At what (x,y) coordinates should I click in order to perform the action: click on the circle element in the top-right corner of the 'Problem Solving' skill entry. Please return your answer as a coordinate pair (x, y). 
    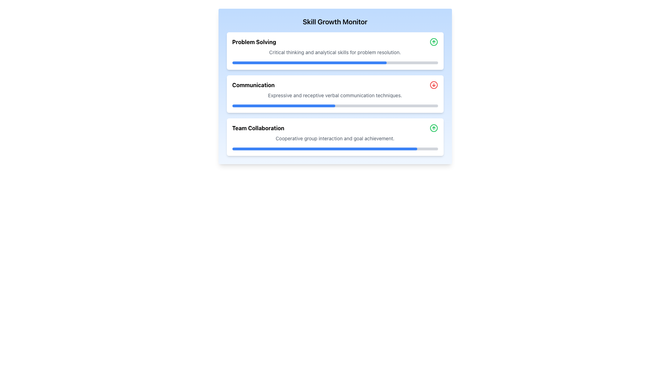
    Looking at the image, I should click on (433, 42).